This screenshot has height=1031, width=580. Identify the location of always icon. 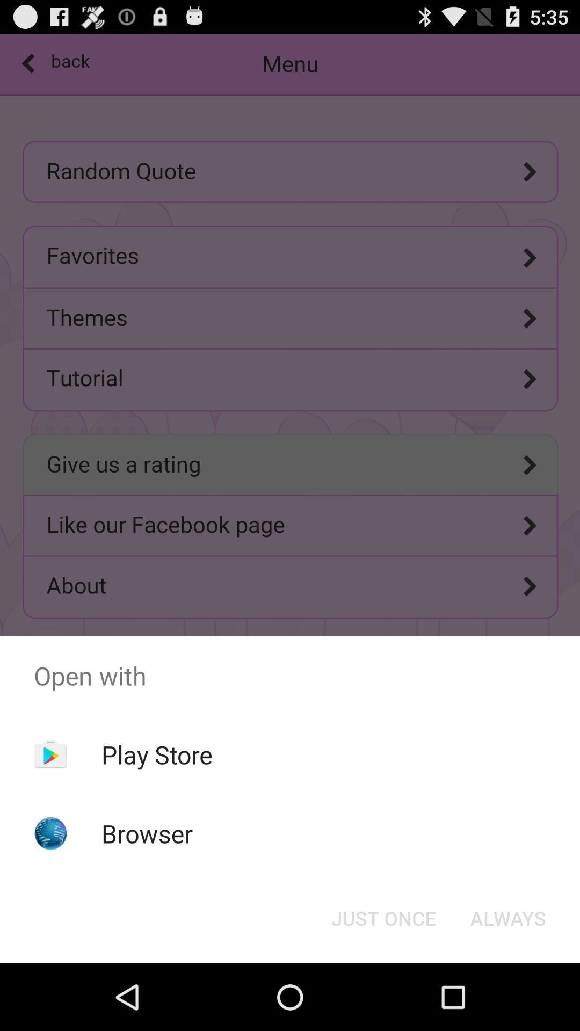
(508, 917).